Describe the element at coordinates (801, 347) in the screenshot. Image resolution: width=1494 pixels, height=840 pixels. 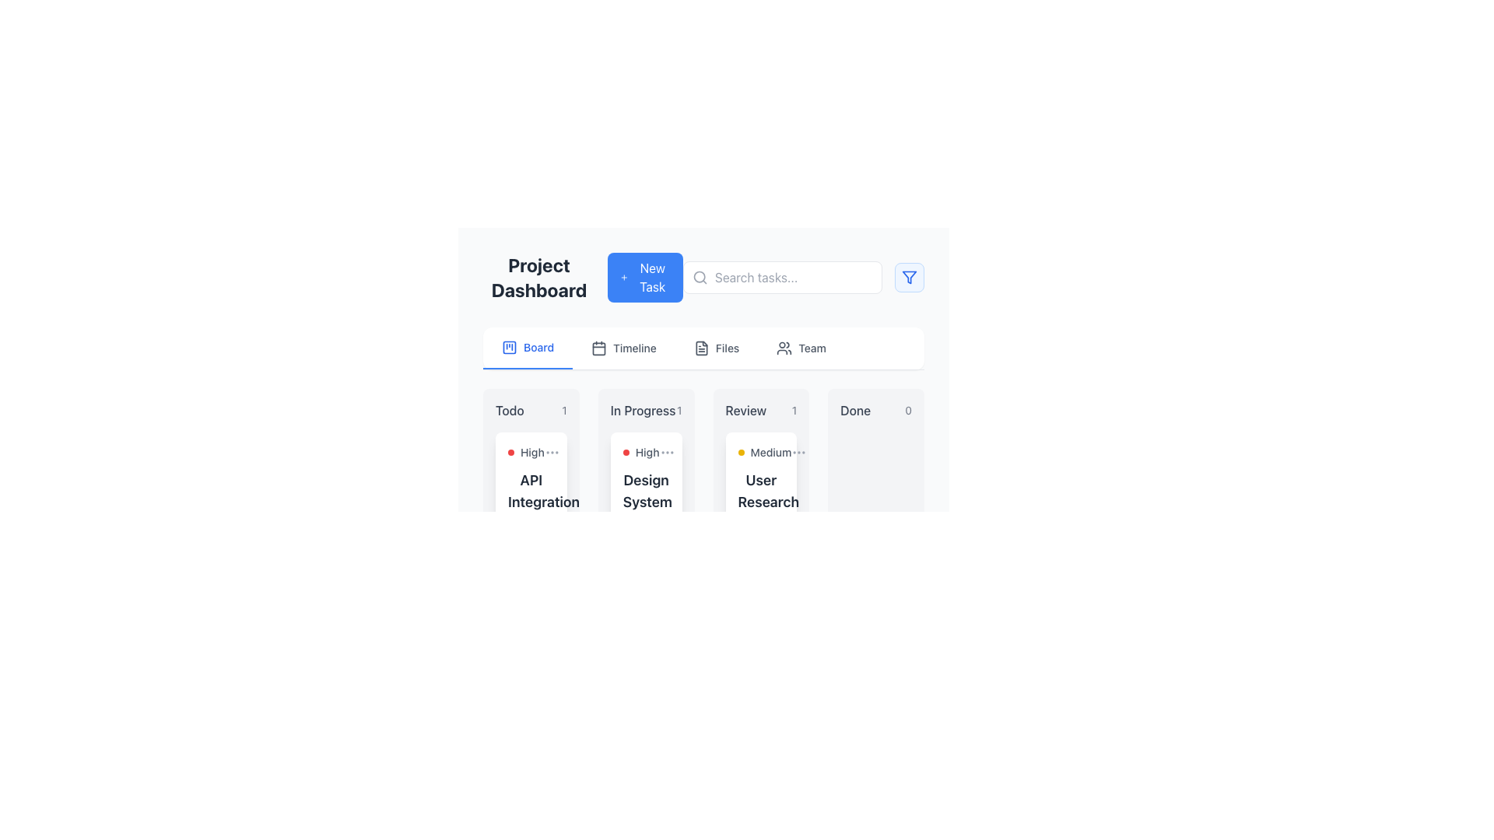
I see `the 'Team' button in the navigation menu` at that location.